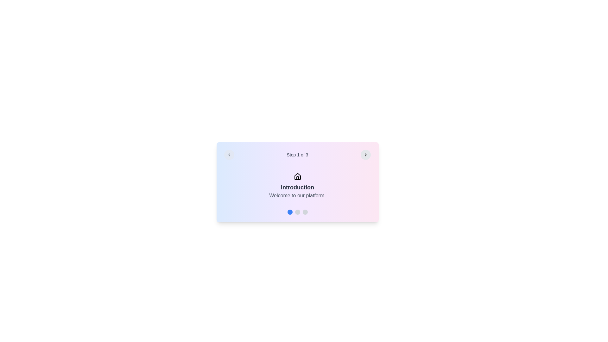  I want to click on the interactive circular button, which is the middle circle of three horizontally aligned circles at the bottom center of the card, so click(297, 212).